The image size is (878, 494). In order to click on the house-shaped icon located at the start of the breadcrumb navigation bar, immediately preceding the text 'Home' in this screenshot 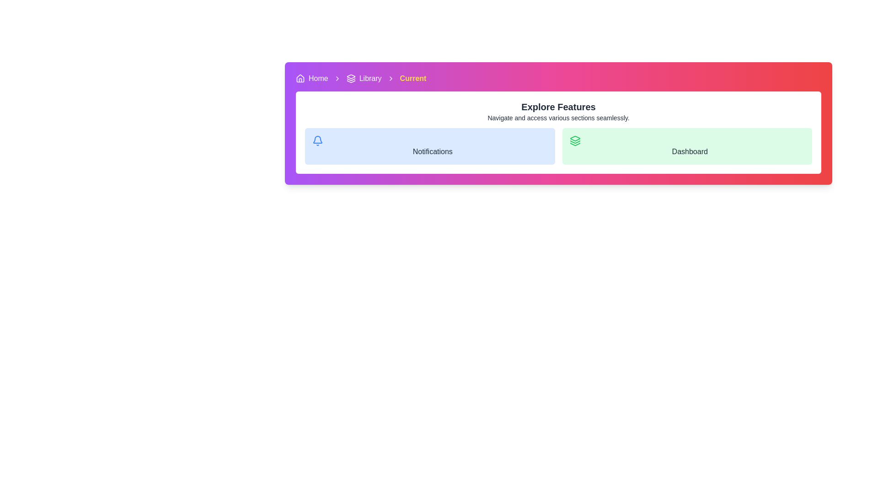, I will do `click(300, 78)`.